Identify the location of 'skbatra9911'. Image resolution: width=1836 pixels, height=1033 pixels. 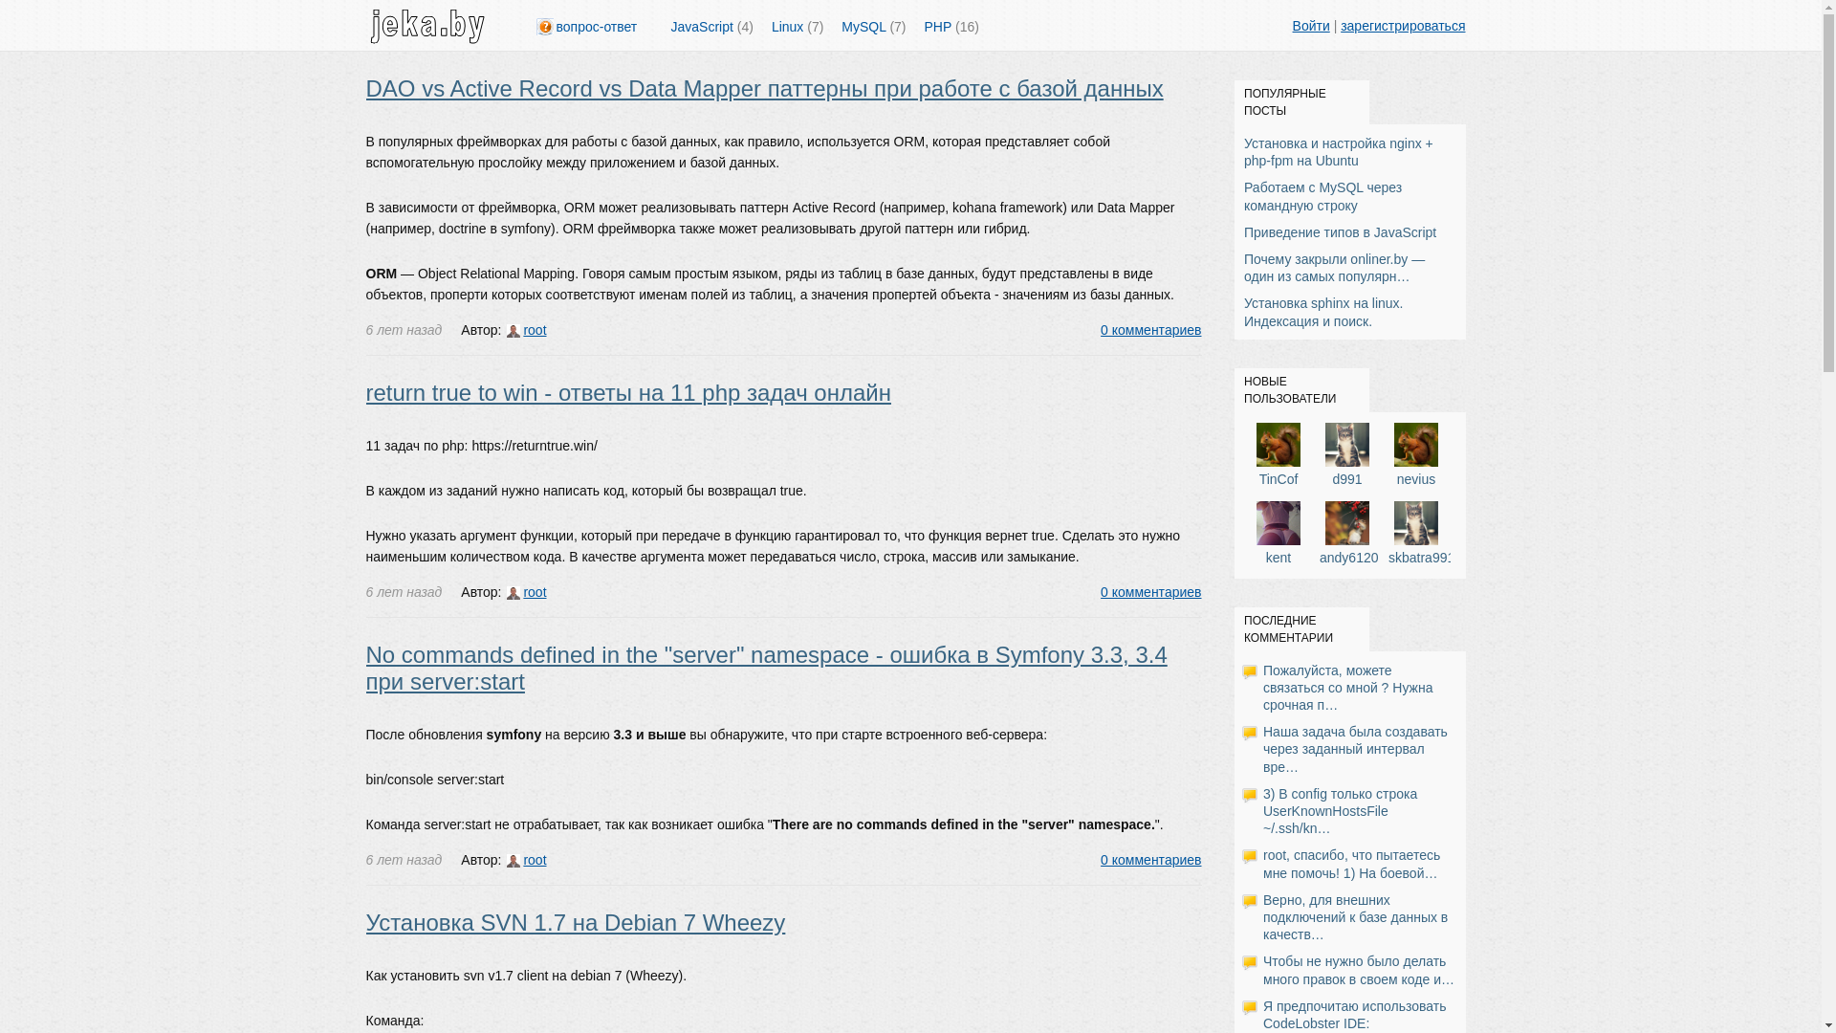
(1425, 549).